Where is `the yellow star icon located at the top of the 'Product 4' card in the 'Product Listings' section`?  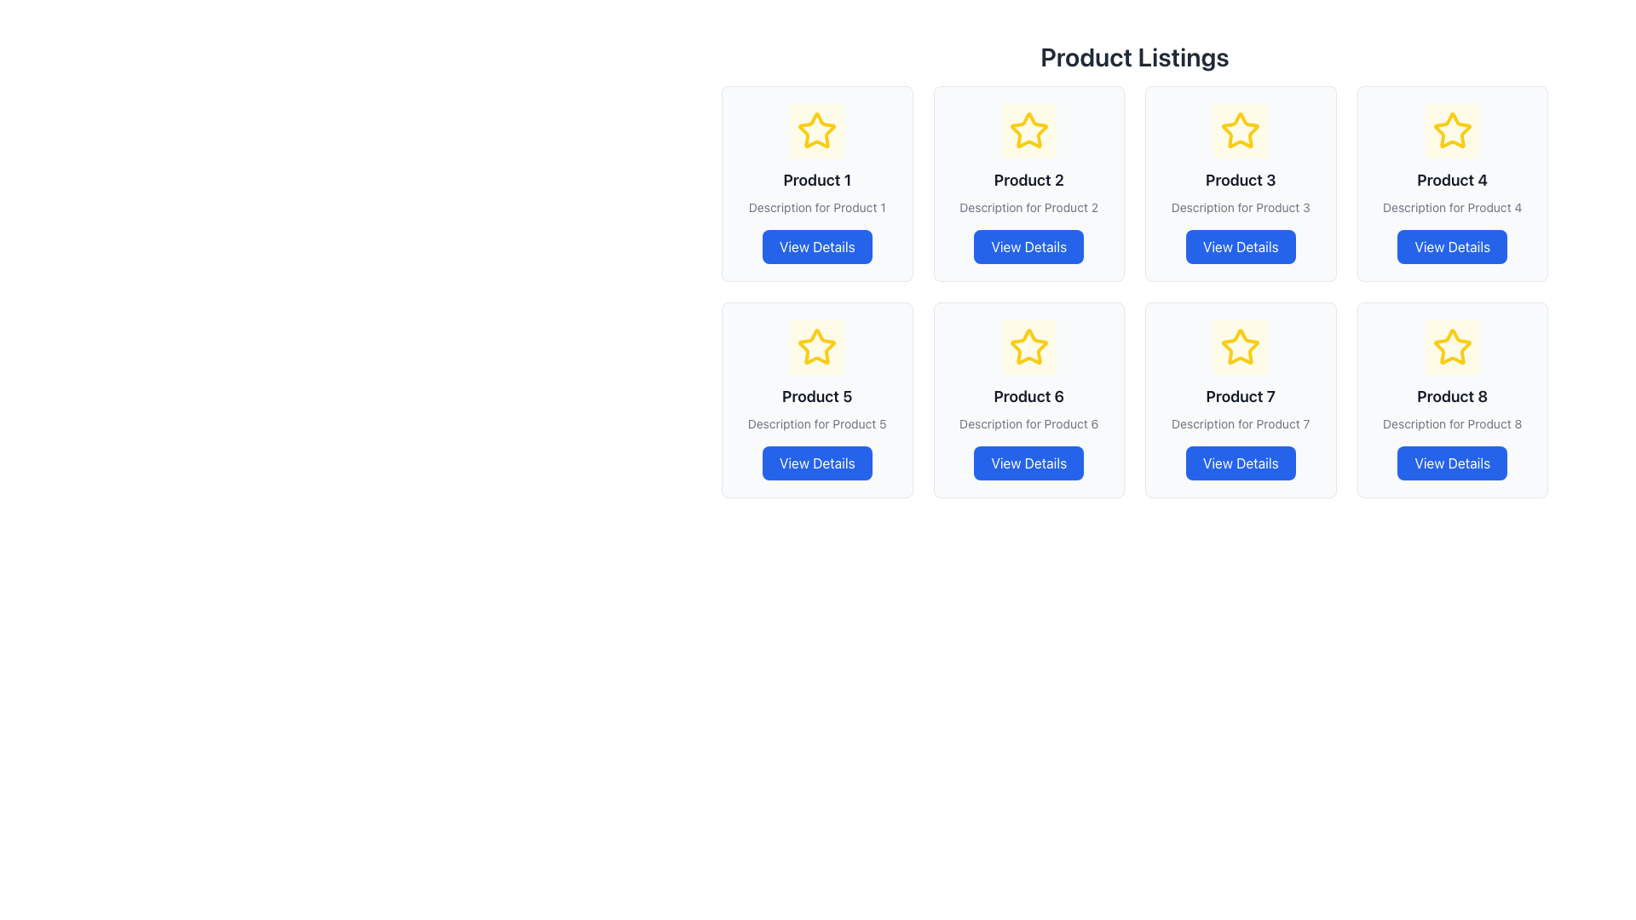 the yellow star icon located at the top of the 'Product 4' card in the 'Product Listings' section is located at coordinates (1451, 130).